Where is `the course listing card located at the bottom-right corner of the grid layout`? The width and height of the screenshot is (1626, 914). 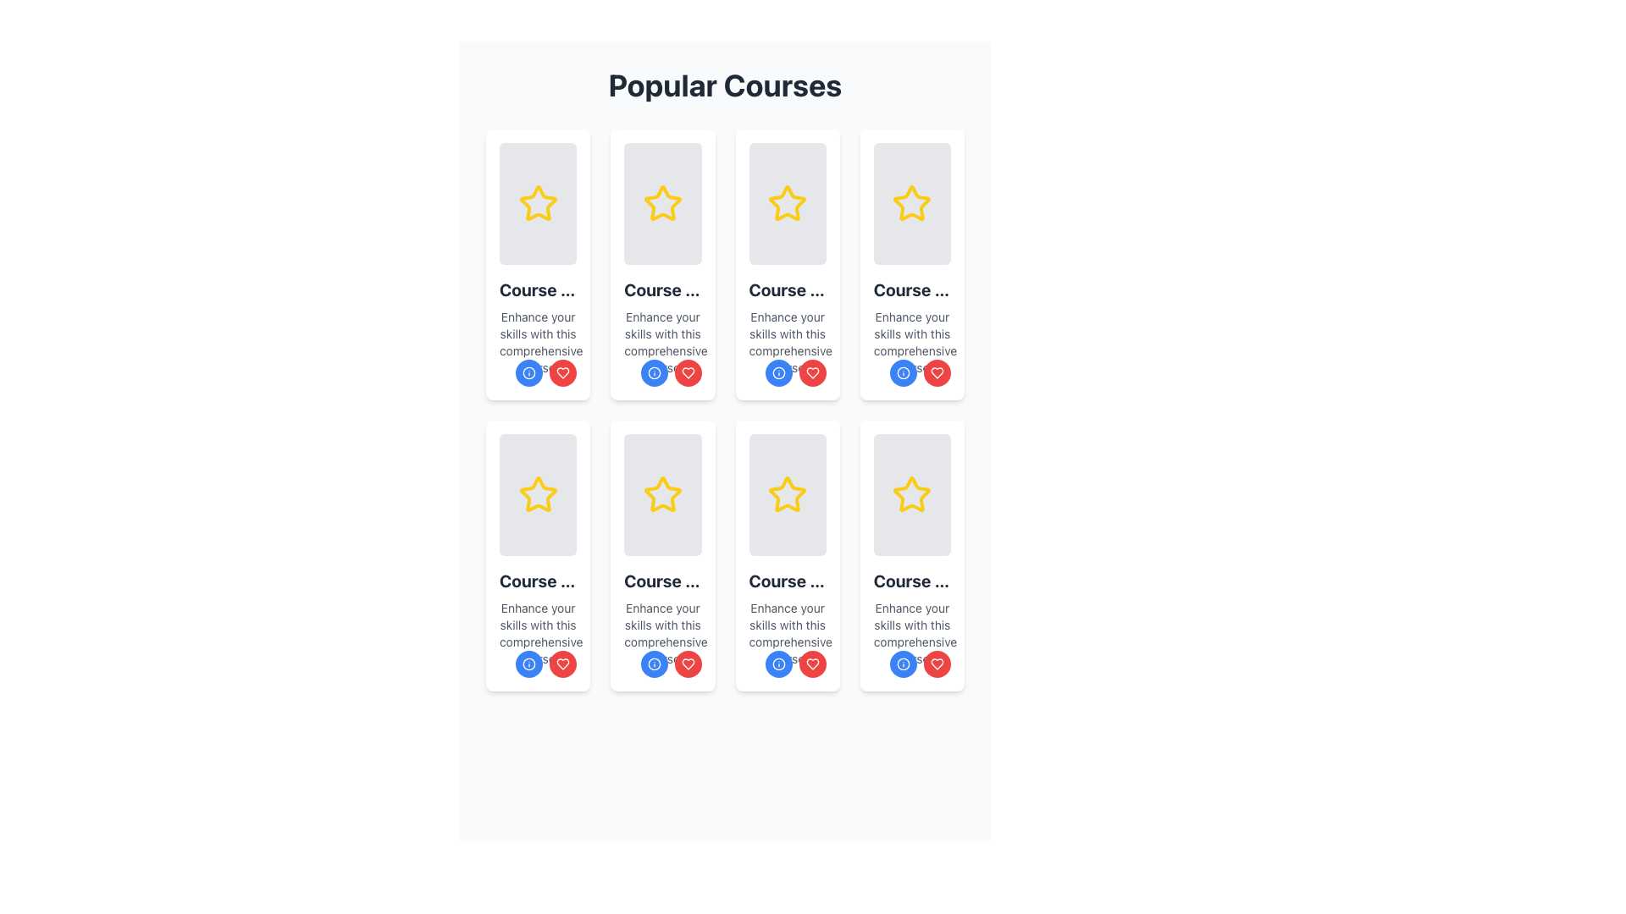
the course listing card located at the bottom-right corner of the grid layout is located at coordinates (911, 555).